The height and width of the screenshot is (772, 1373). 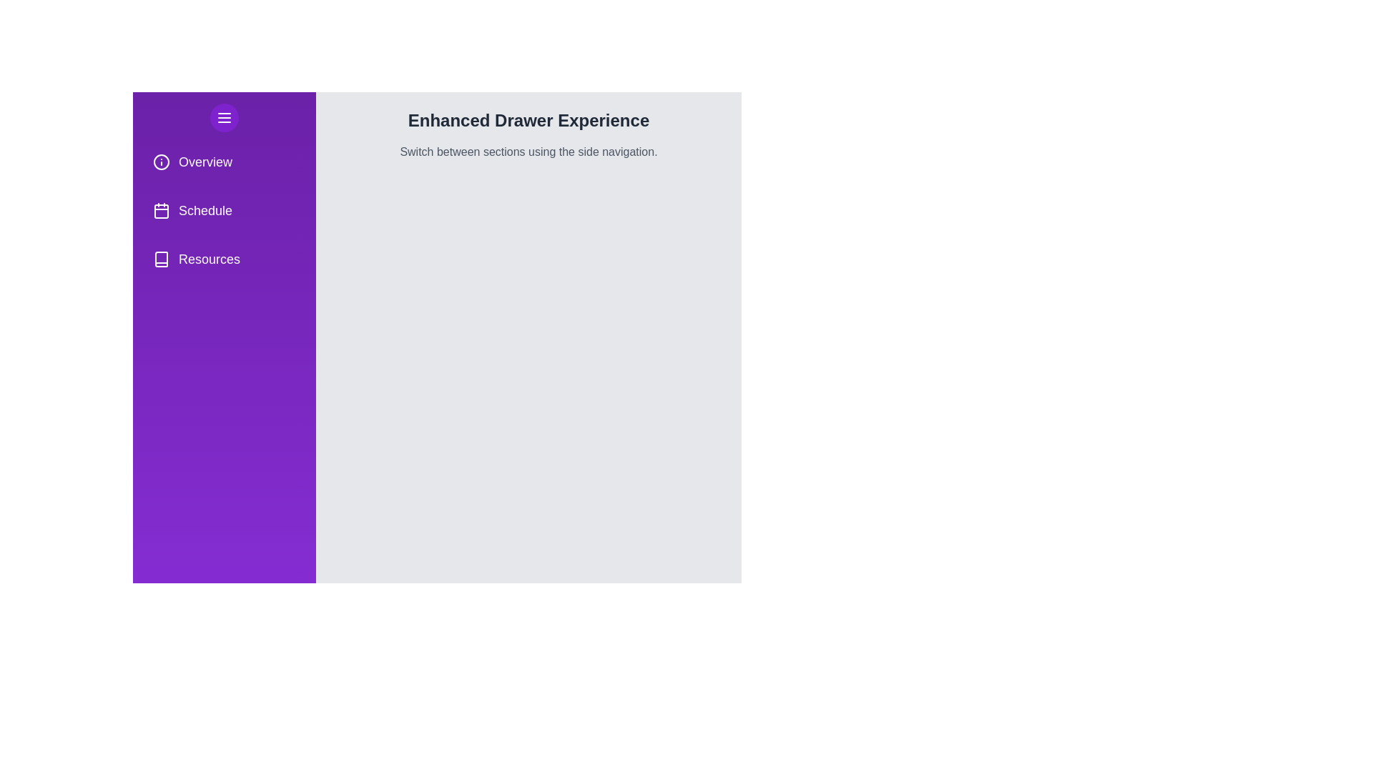 What do you see at coordinates (223, 259) in the screenshot?
I see `the navigation menu item Resources` at bounding box center [223, 259].